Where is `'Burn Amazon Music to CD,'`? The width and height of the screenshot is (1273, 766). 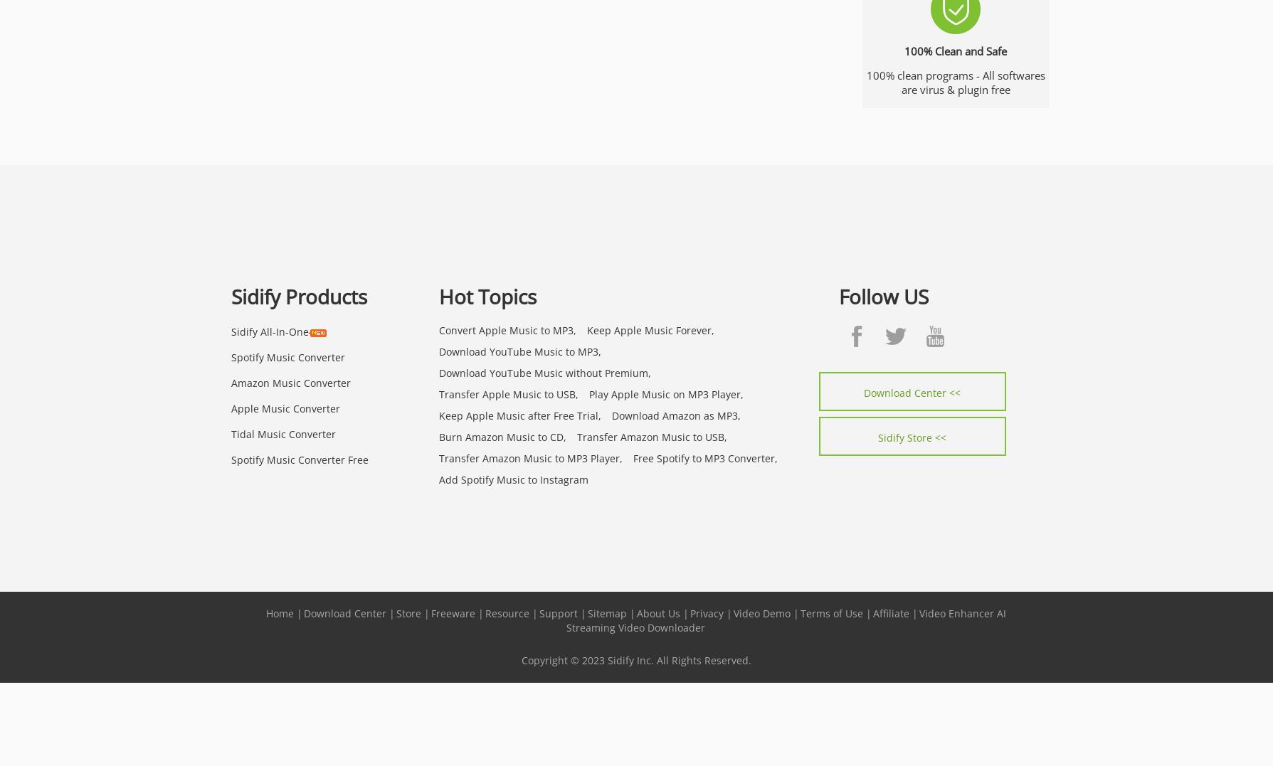
'Burn Amazon Music to CD,' is located at coordinates (439, 436).